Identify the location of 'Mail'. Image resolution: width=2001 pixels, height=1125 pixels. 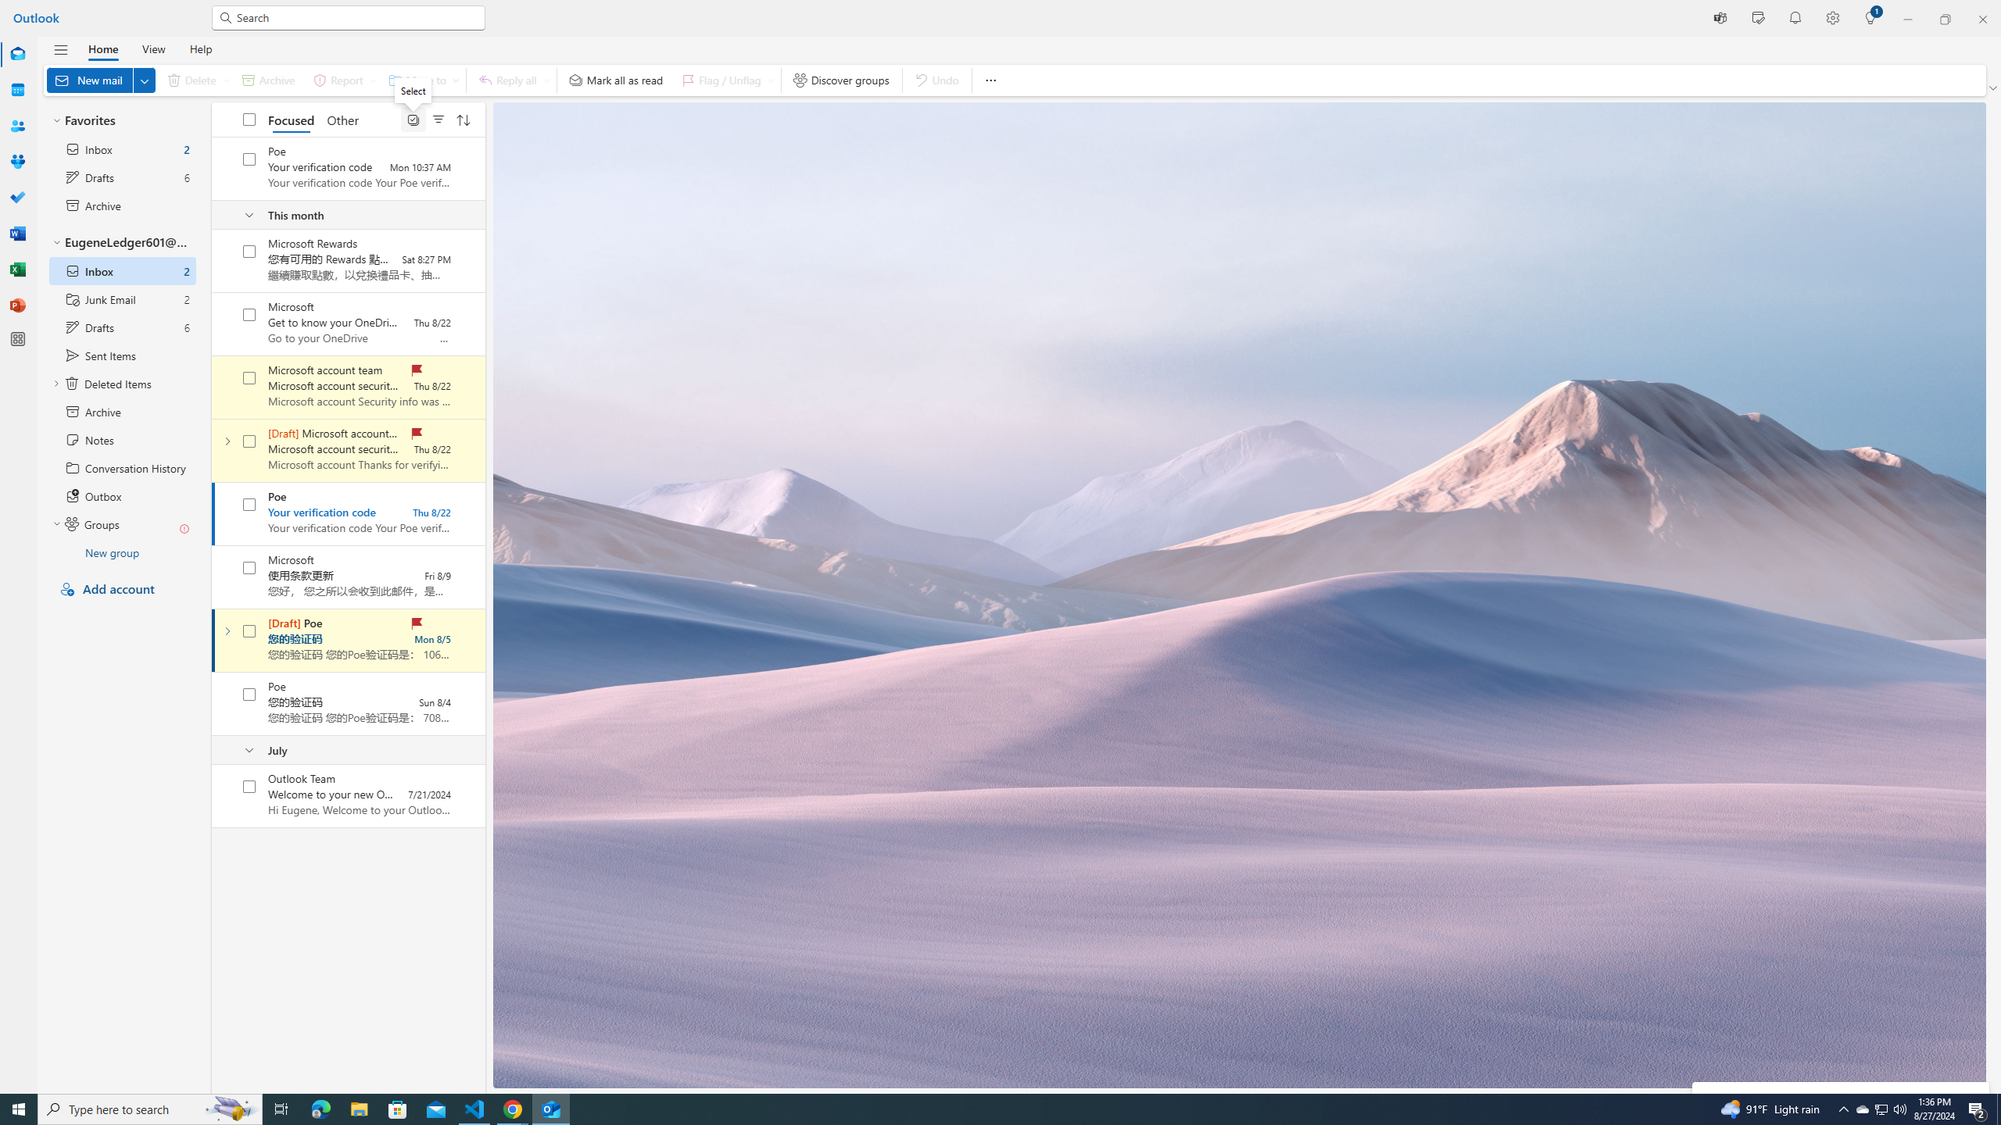
(18, 53).